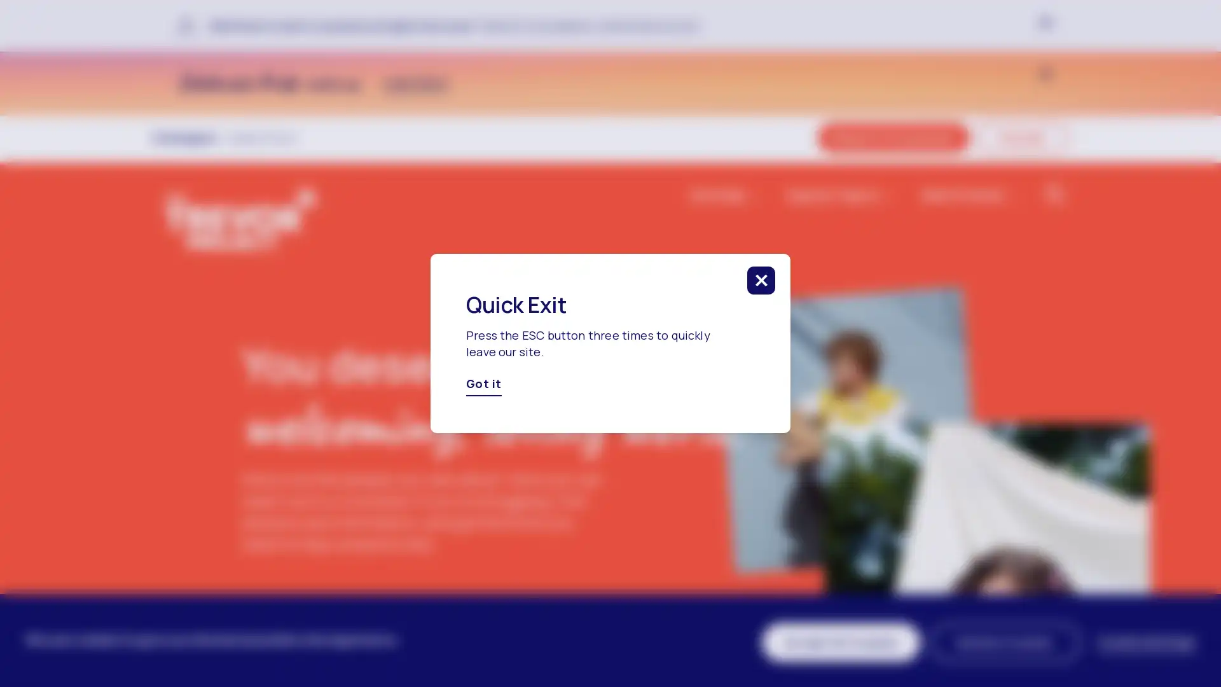  What do you see at coordinates (1045, 22) in the screenshot?
I see `click to close banner` at bounding box center [1045, 22].